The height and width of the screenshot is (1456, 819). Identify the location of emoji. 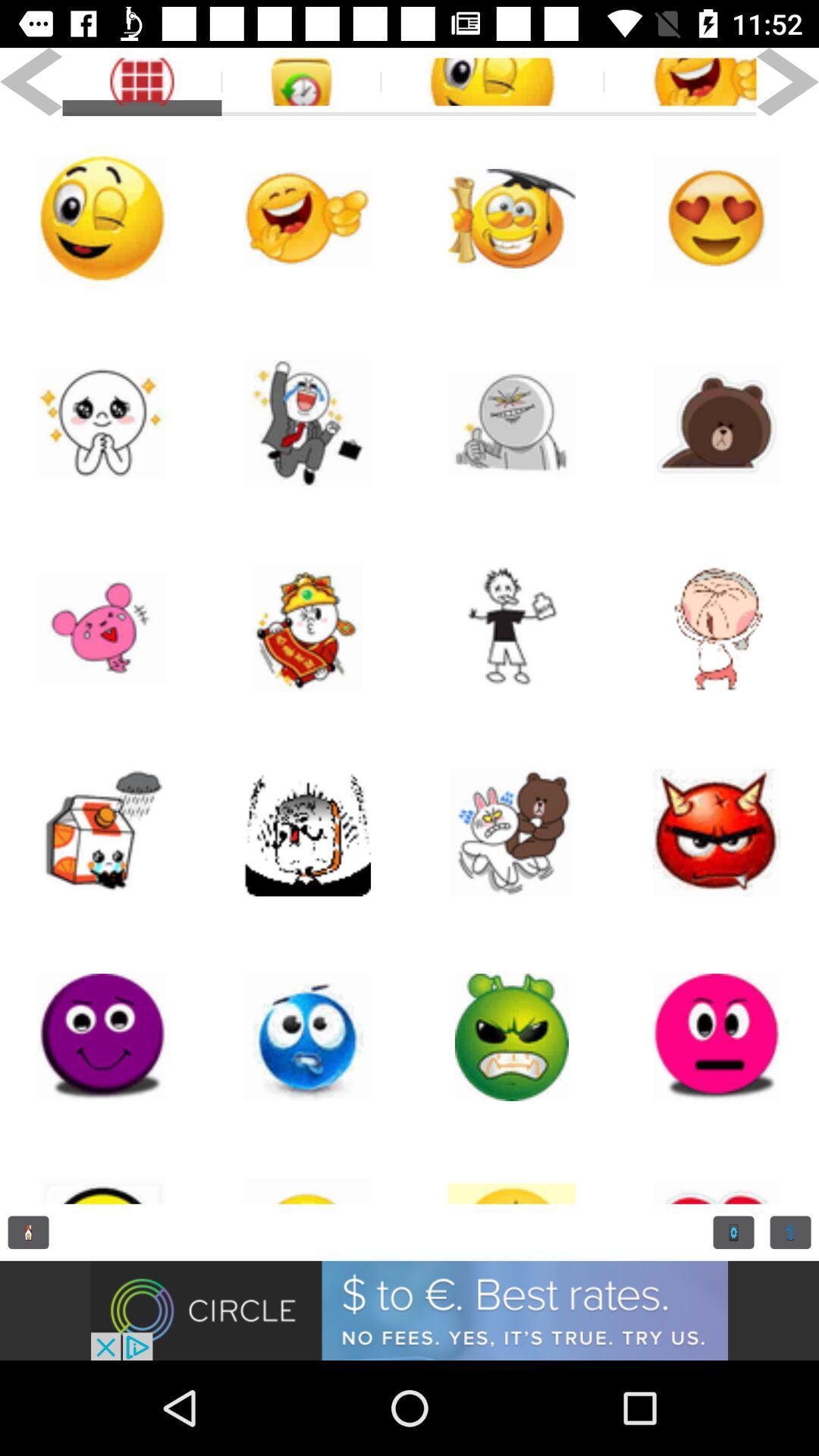
(512, 218).